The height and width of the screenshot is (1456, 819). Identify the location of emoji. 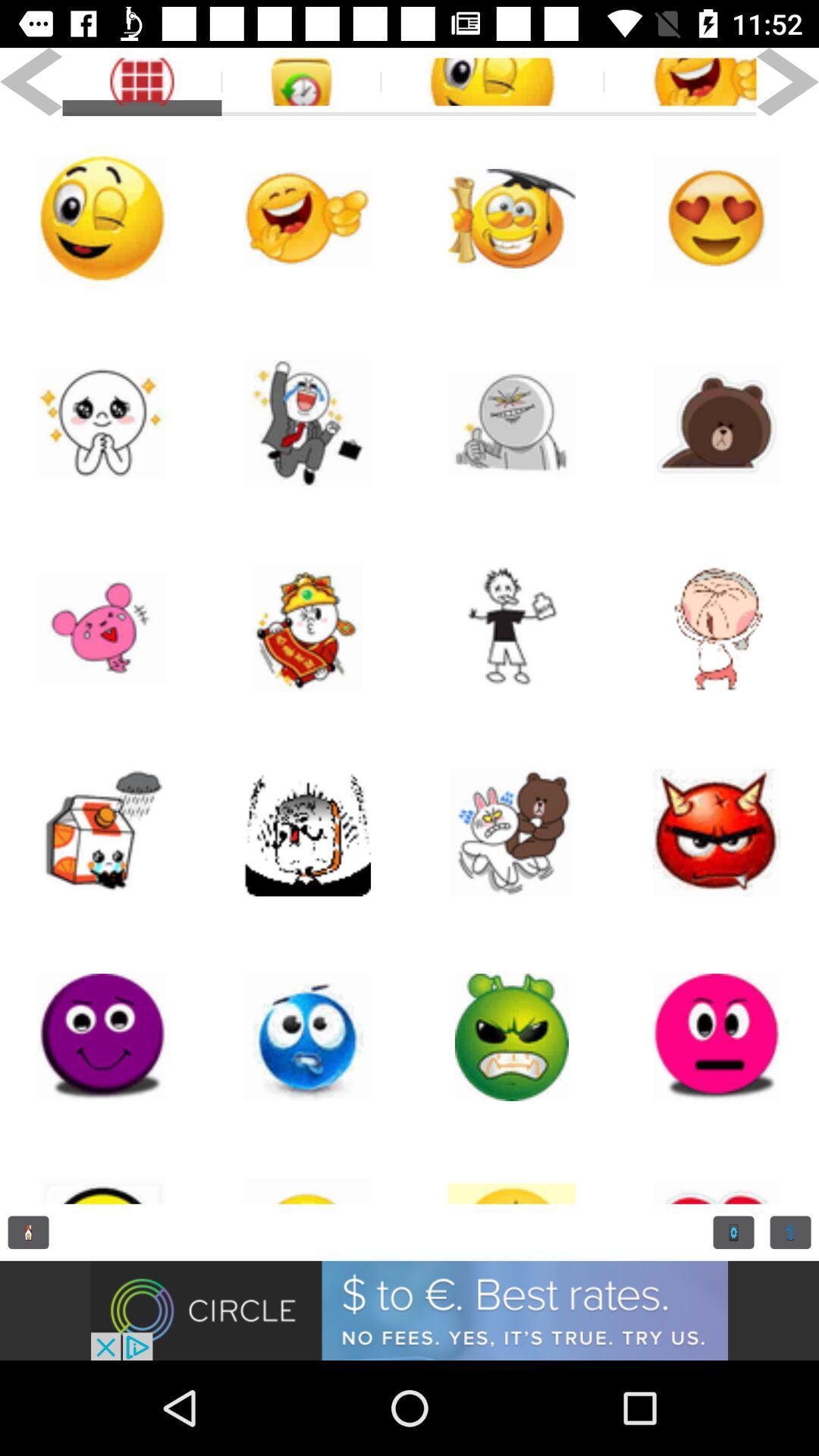
(512, 218).